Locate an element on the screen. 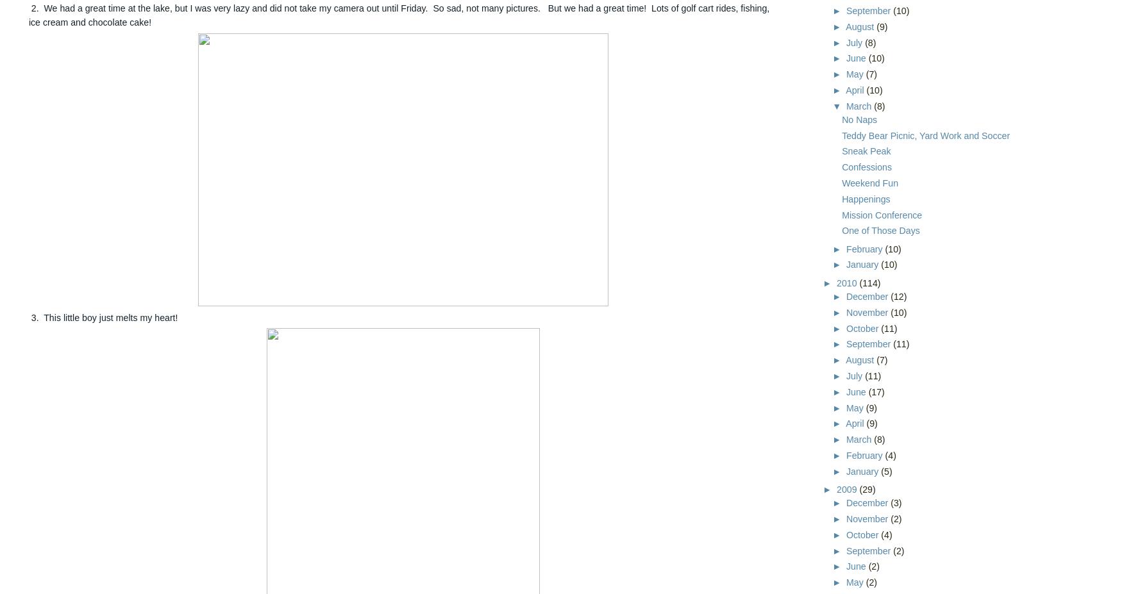 The height and width of the screenshot is (594, 1131). 'One of Those Days' is located at coordinates (841, 229).